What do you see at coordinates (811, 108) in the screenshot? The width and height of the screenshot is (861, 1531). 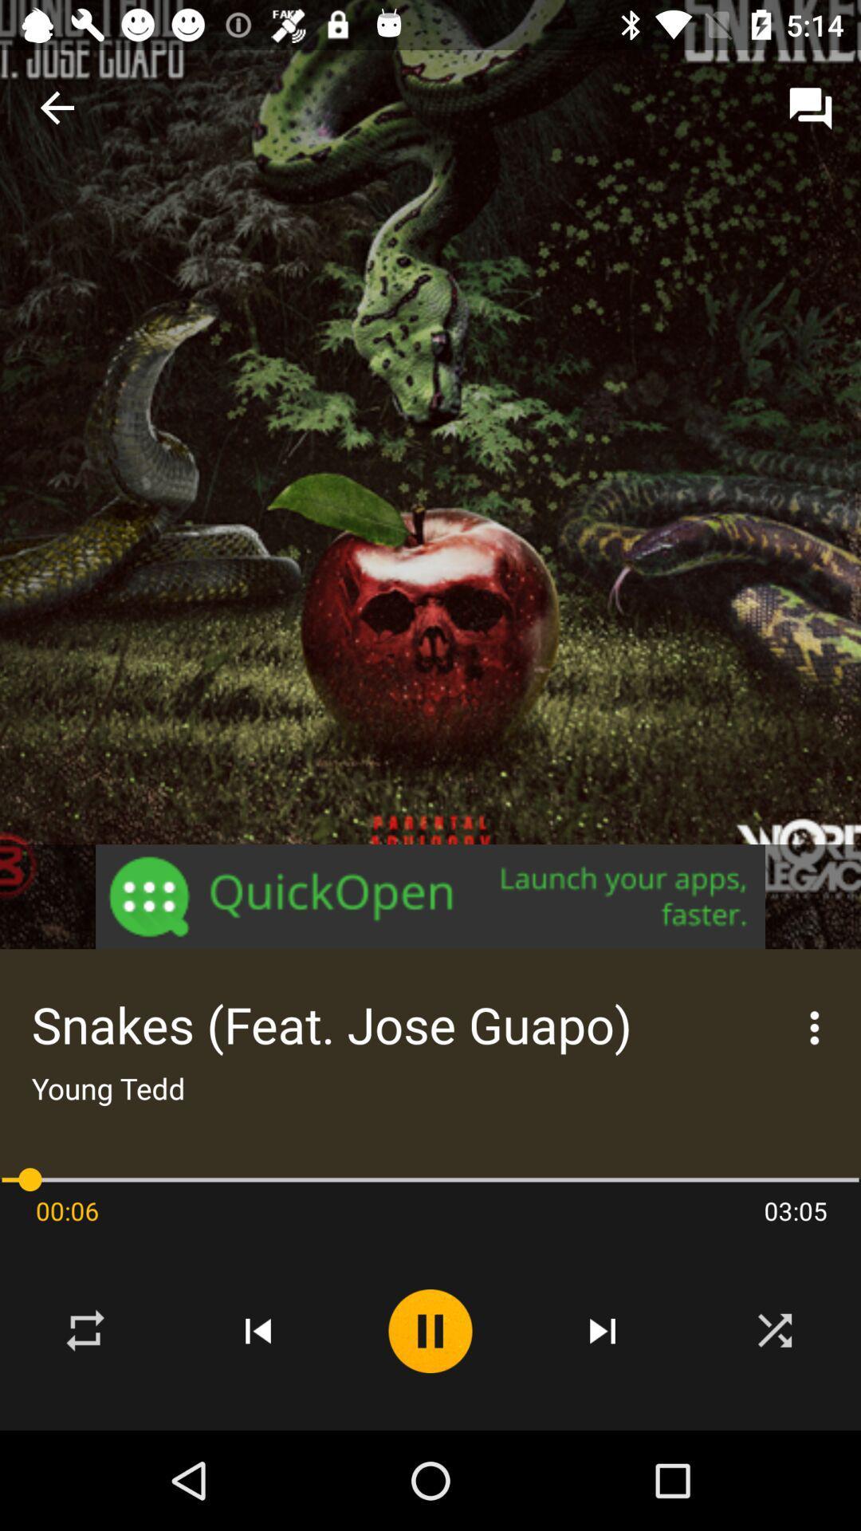 I see `the message icon from the top right corner of the page` at bounding box center [811, 108].